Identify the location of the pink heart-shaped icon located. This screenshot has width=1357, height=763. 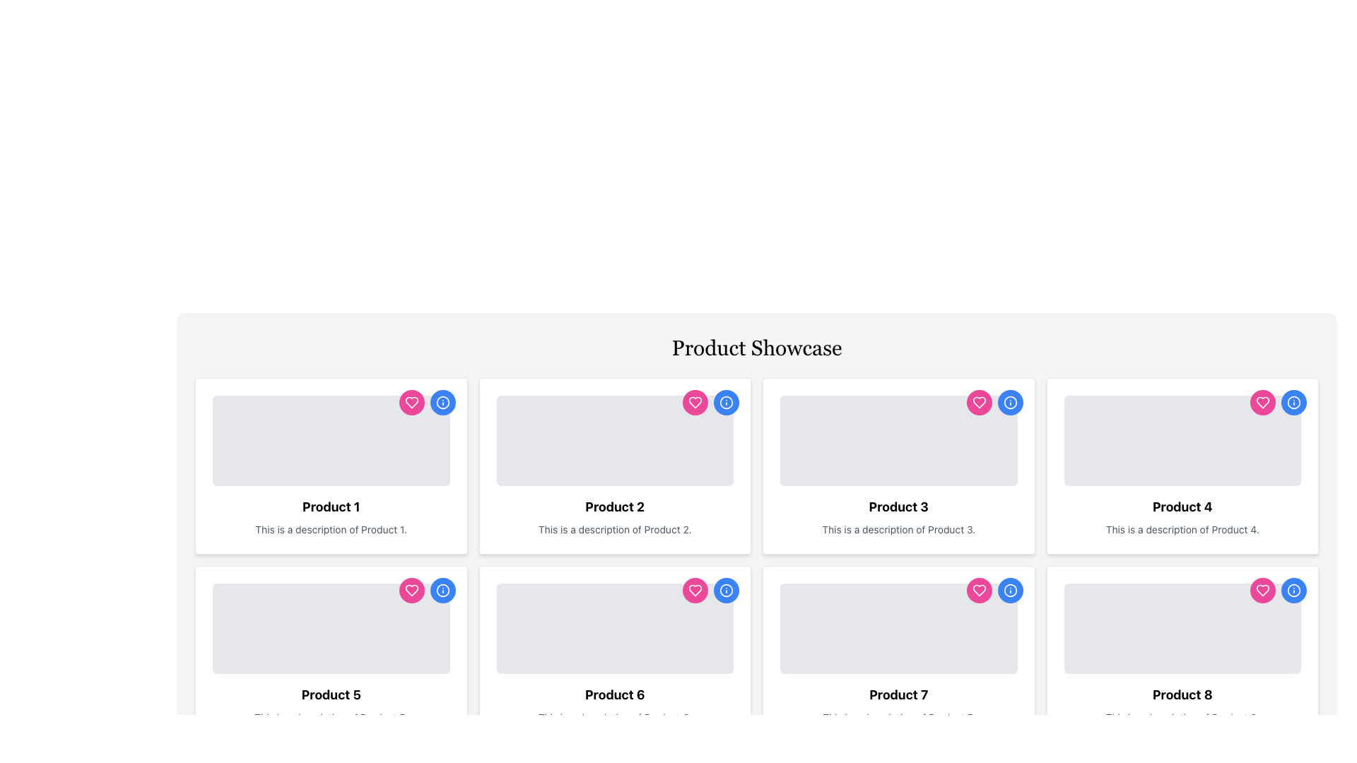
(695, 403).